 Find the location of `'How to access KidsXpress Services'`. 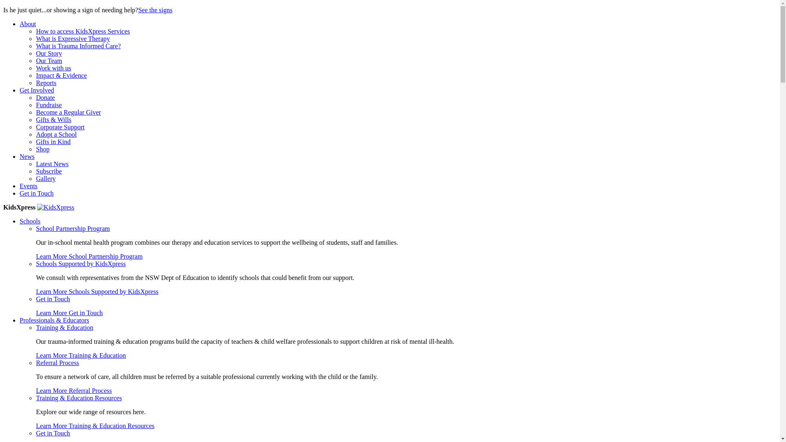

'How to access KidsXpress Services' is located at coordinates (35, 31).